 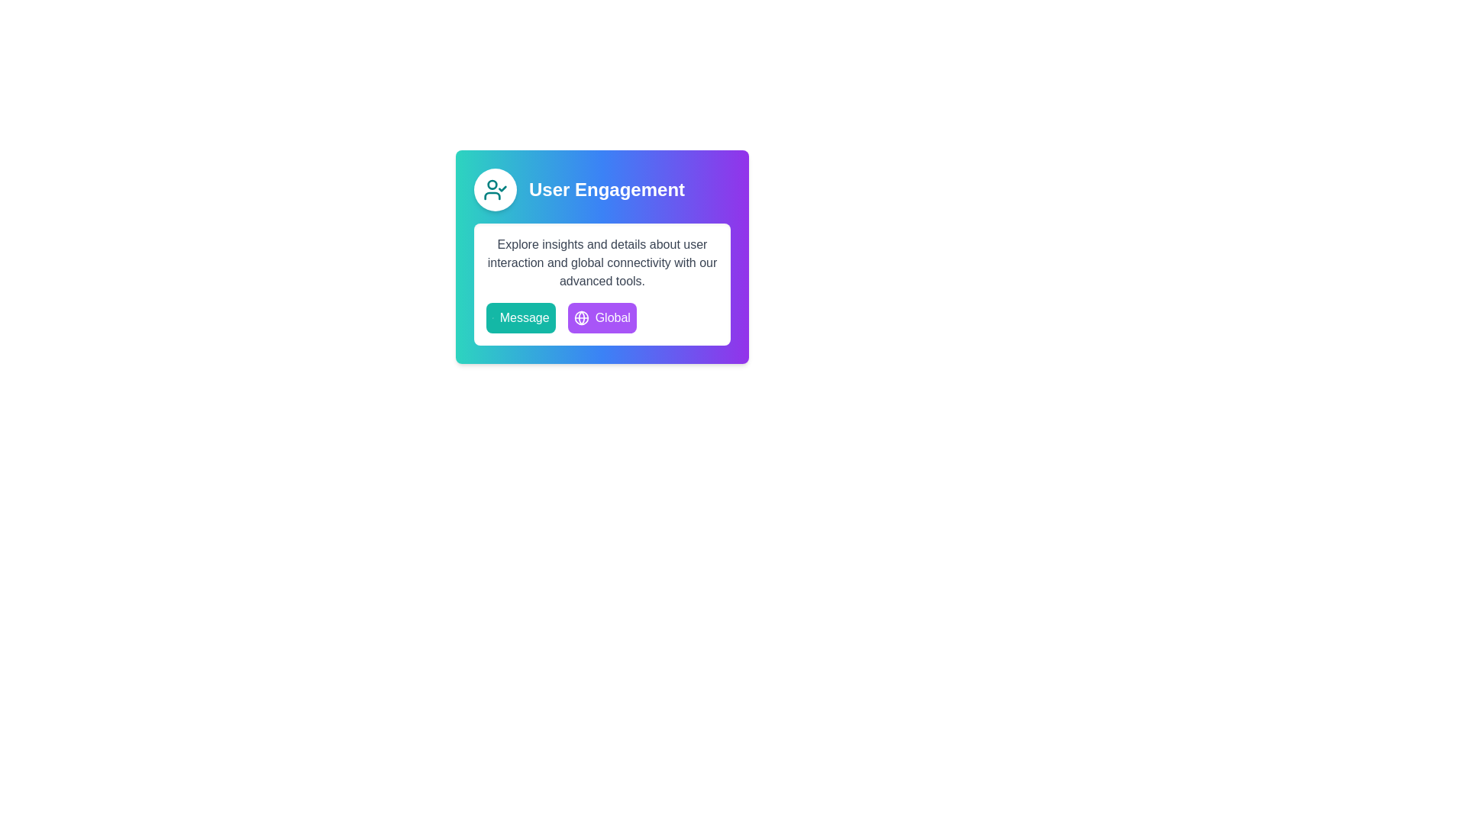 I want to click on the 'Message' button which contains an icon on its left side, sharing the button's teal background, so click(x=492, y=317).